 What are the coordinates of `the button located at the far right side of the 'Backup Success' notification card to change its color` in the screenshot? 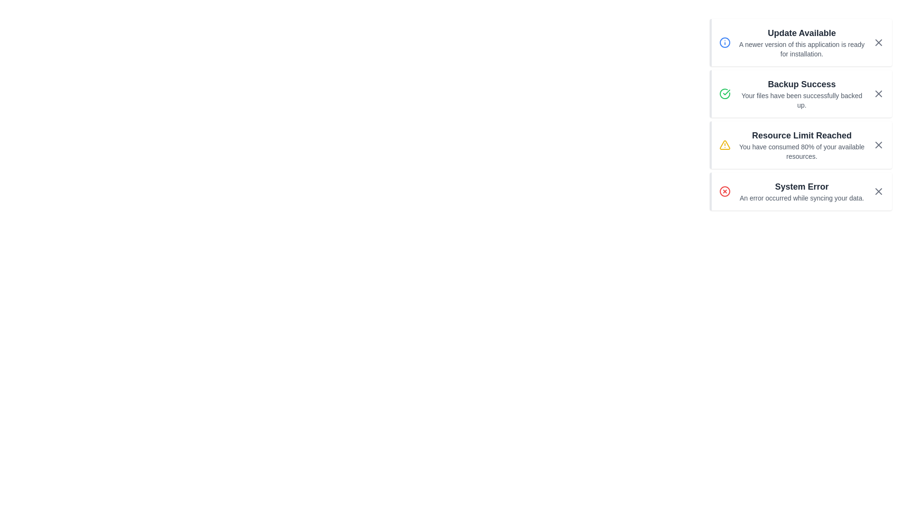 It's located at (878, 93).